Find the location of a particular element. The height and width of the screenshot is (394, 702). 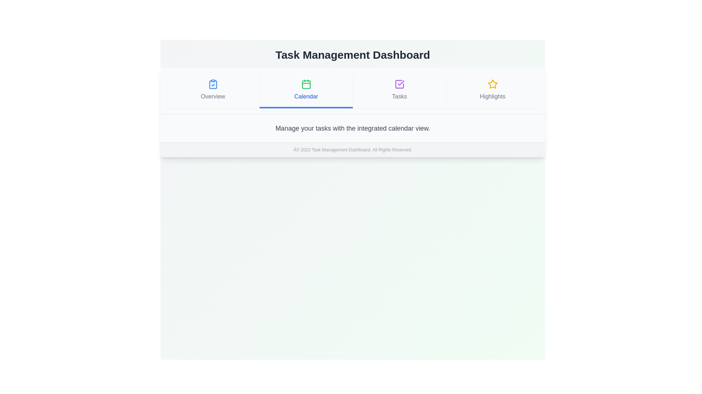

the icon located in the top-right portion of the page, preceding the label text of the 'Highlights' section is located at coordinates (492, 84).